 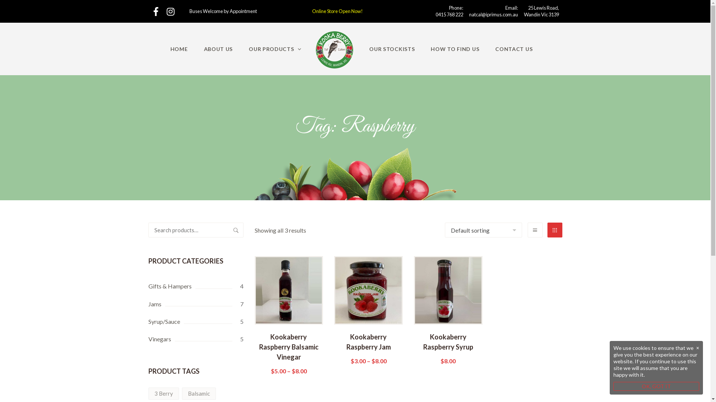 What do you see at coordinates (513, 49) in the screenshot?
I see `'CONTACT US'` at bounding box center [513, 49].